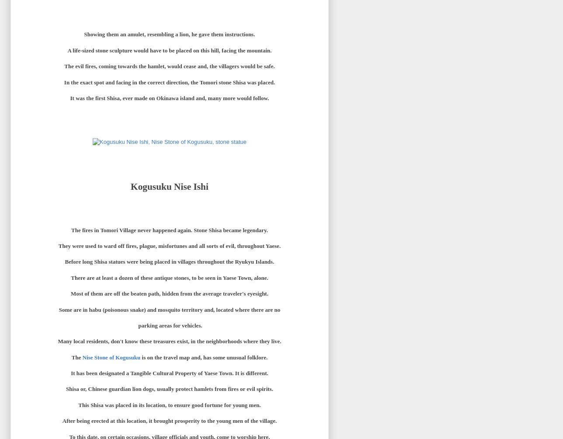  What do you see at coordinates (169, 66) in the screenshot?
I see `'The evil fires, coming towards the hamlet, would cease and, the villagers would be safe.'` at bounding box center [169, 66].